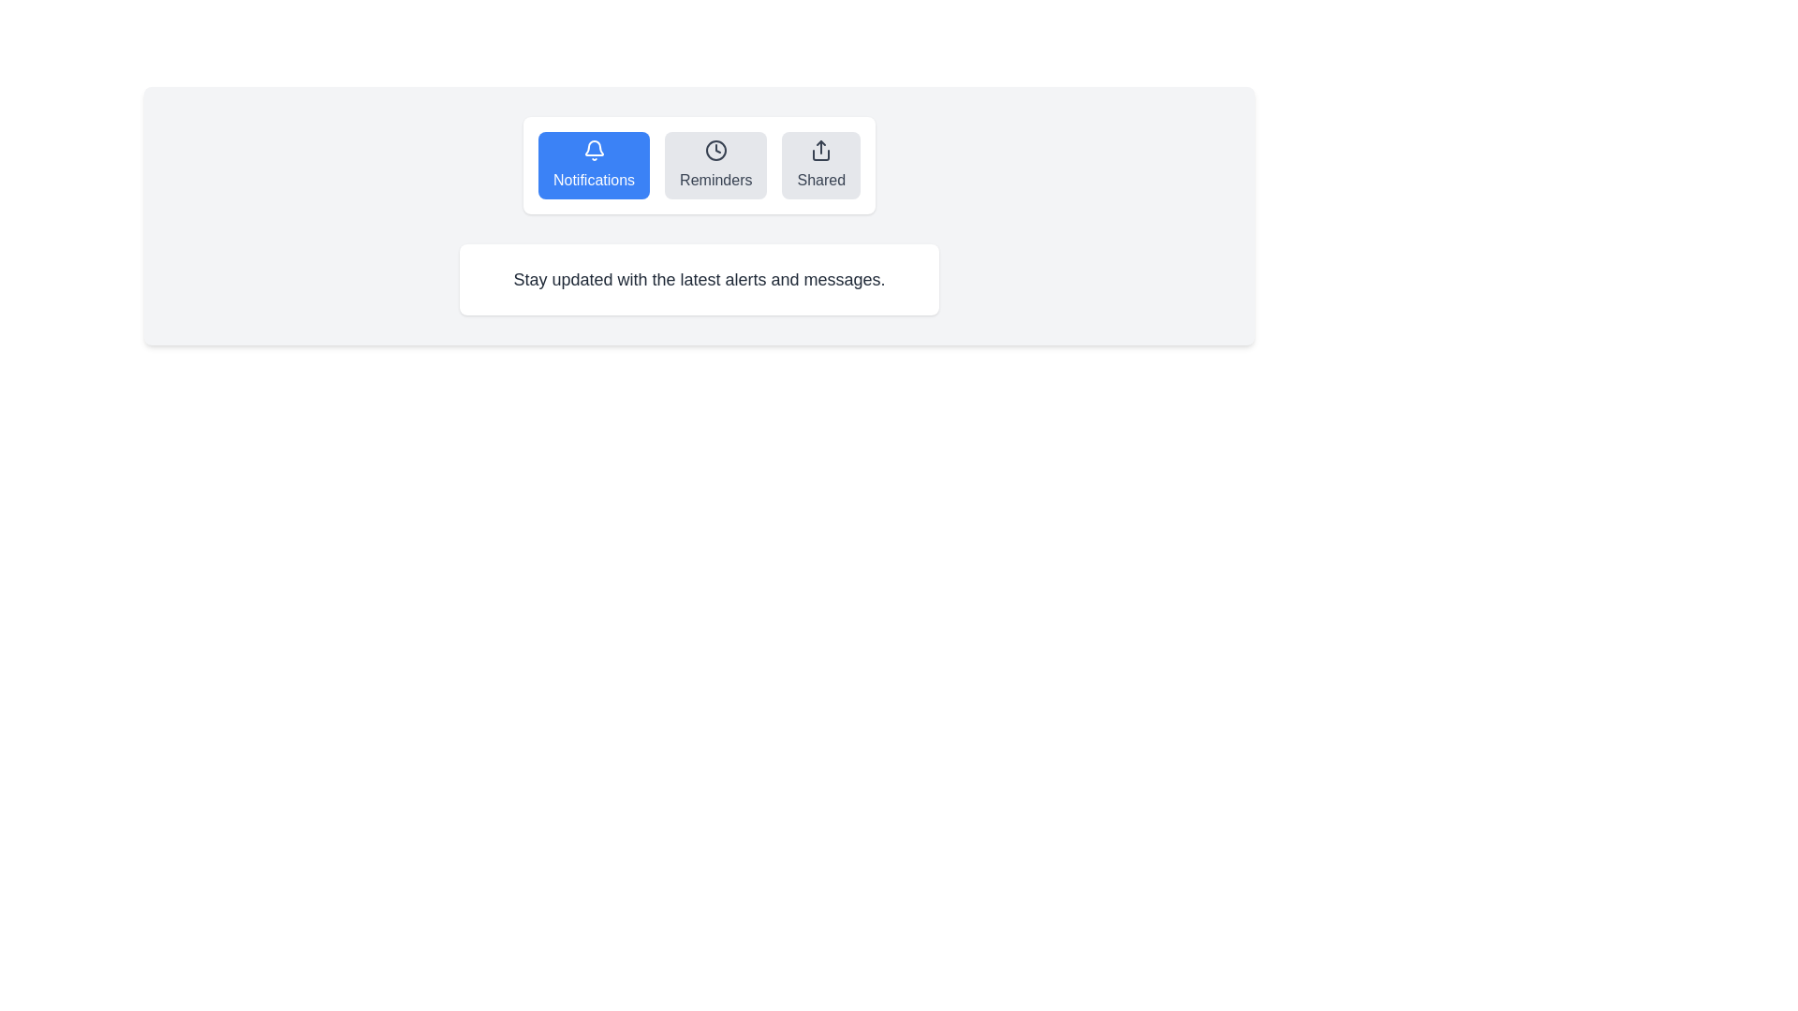  Describe the element at coordinates (821, 165) in the screenshot. I see `the tab labeled Shared to view its content` at that location.